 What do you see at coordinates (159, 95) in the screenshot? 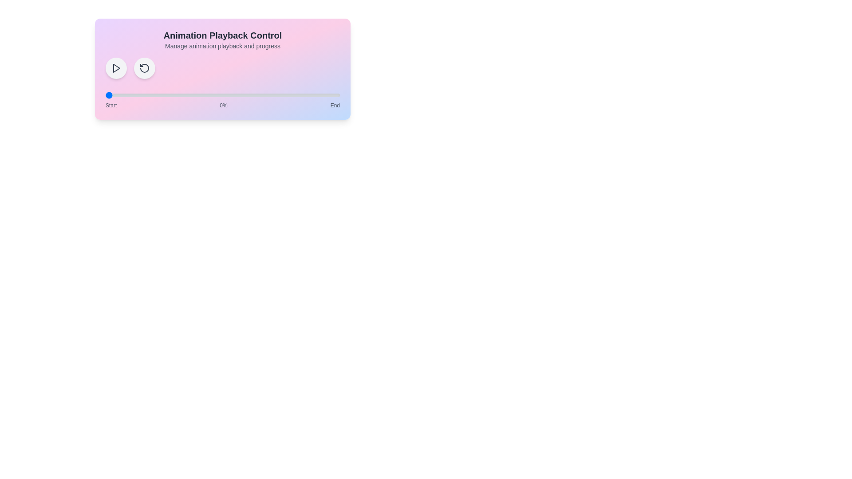
I see `the animation progress to 23% by interacting with the range slider` at bounding box center [159, 95].